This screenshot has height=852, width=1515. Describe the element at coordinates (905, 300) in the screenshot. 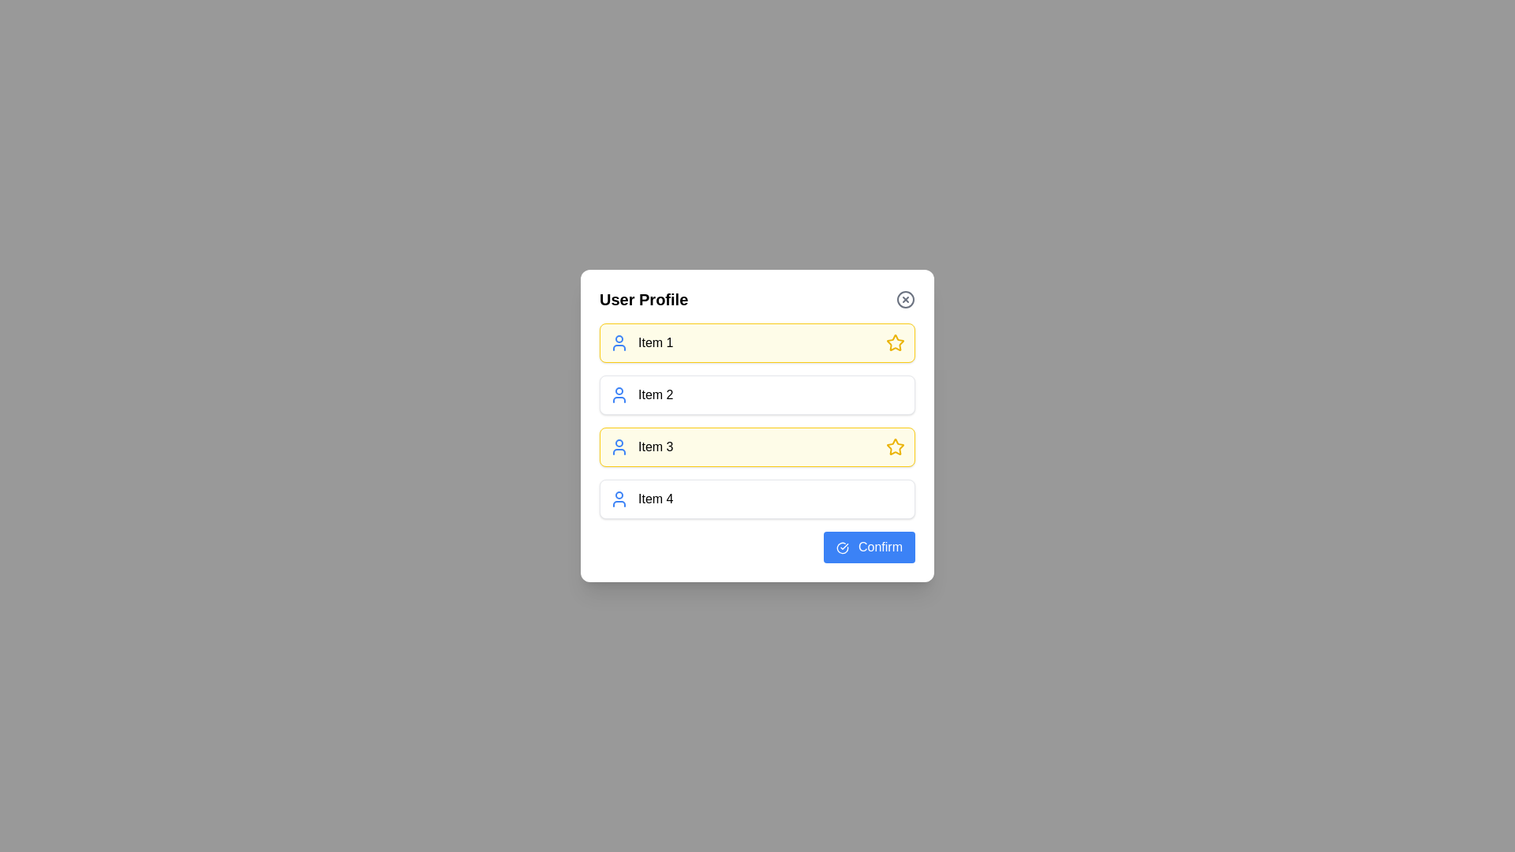

I see `the outermost SVG circle element that is part of the close button in the top-right corner of the 'User Profile' dialog box` at that location.